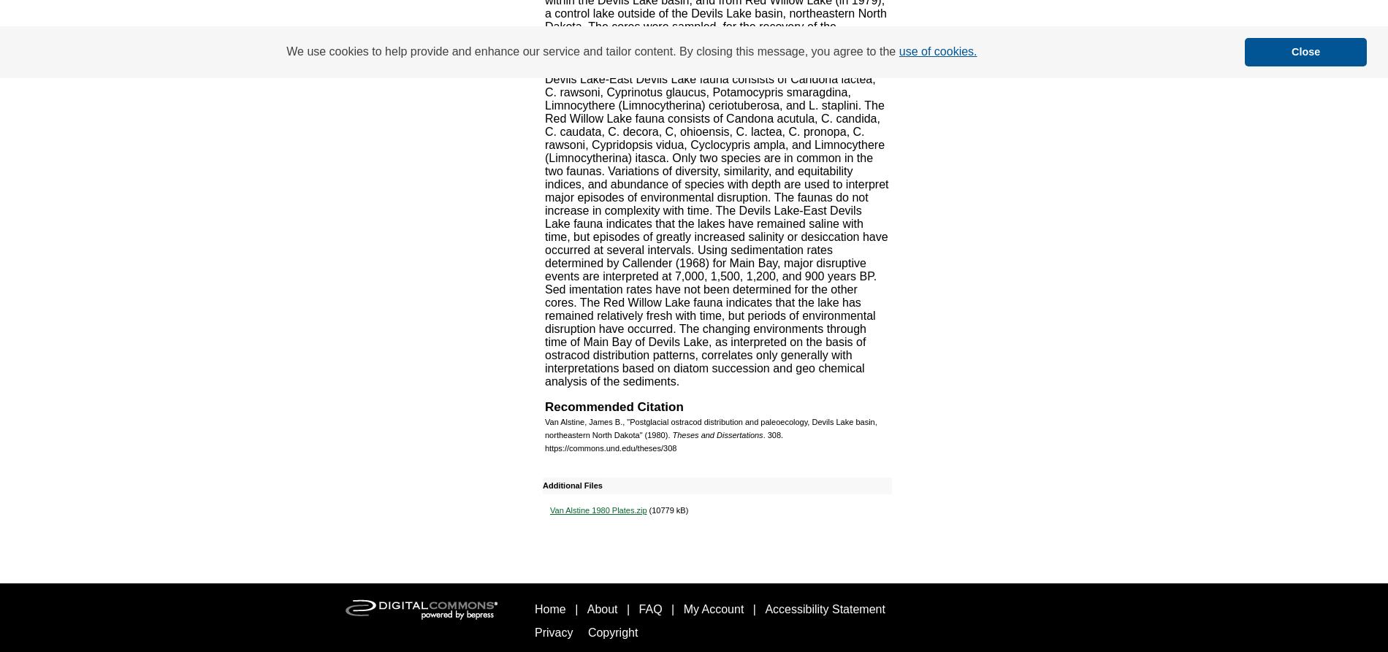  I want to click on '(10779 kB)', so click(666, 510).